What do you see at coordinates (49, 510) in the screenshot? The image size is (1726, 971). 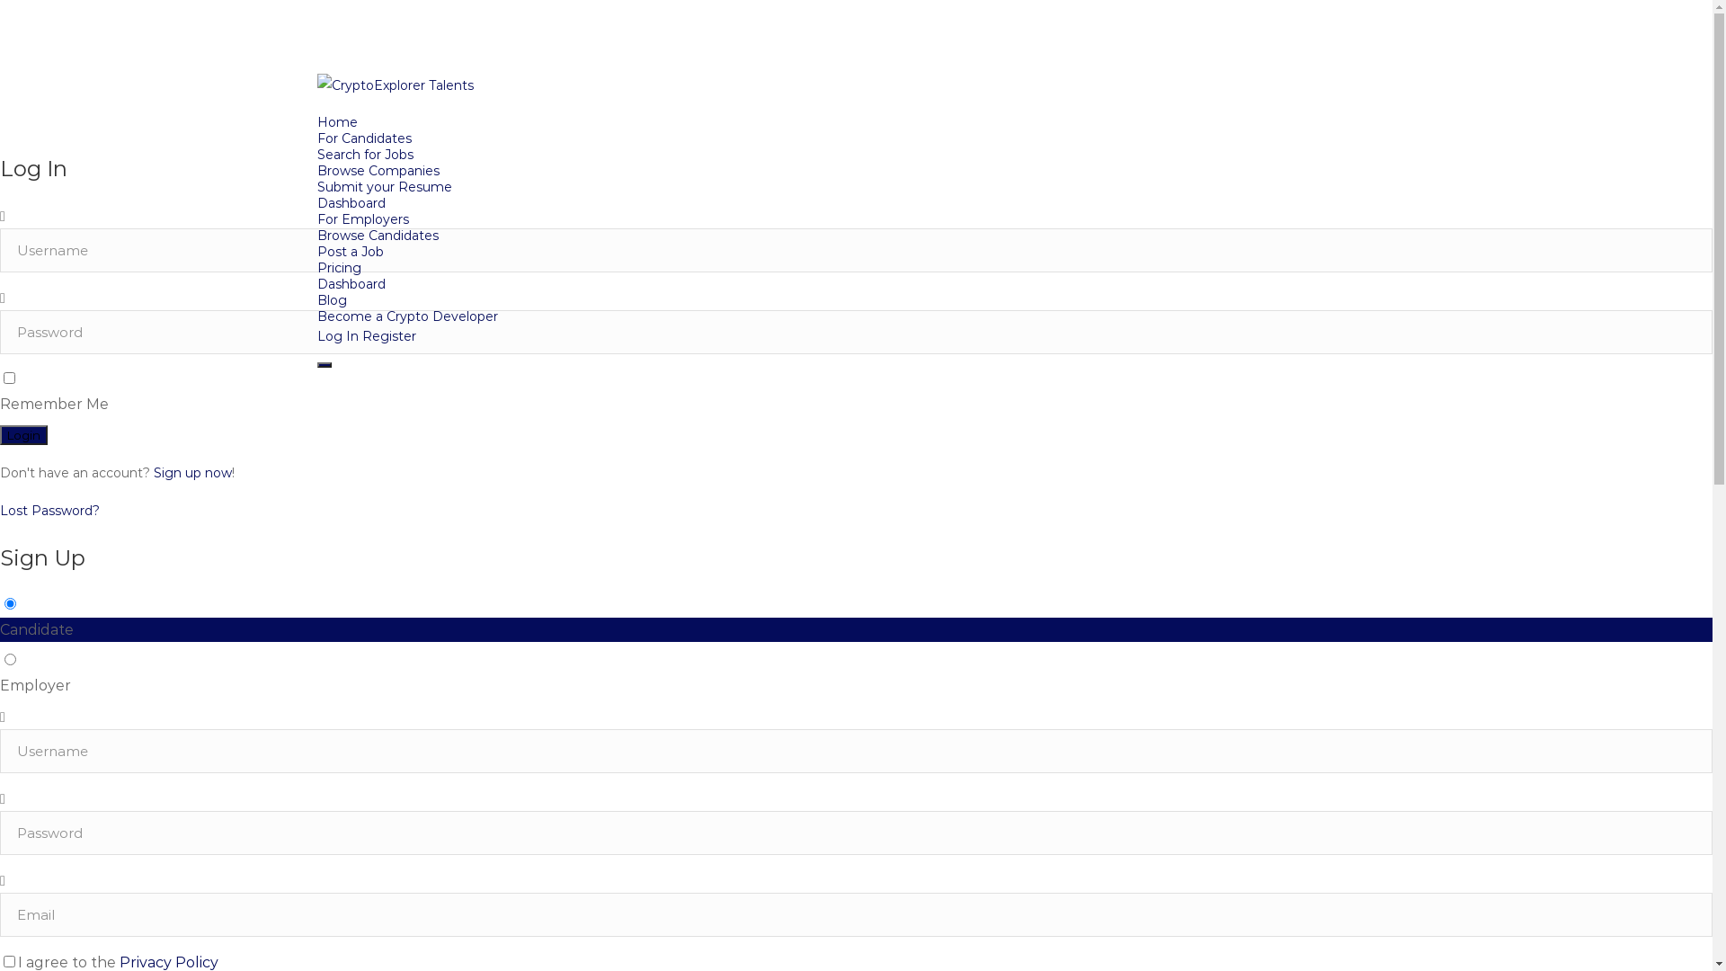 I see `'Lost Password?'` at bounding box center [49, 510].